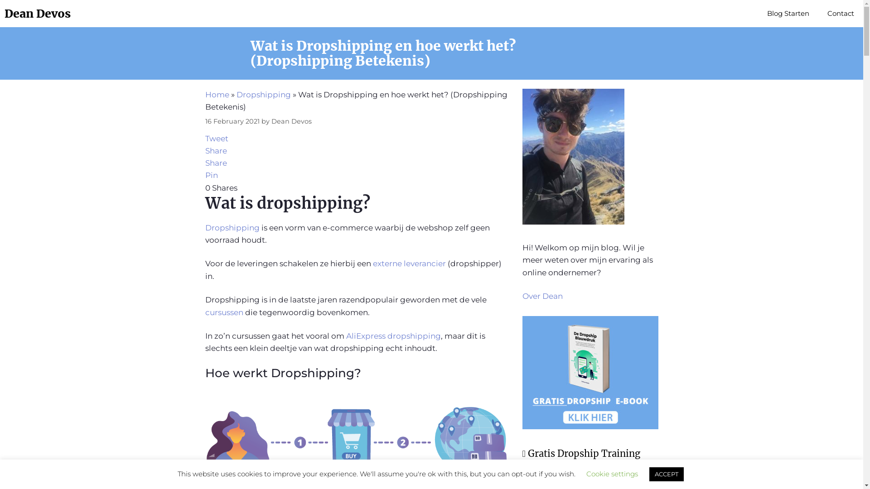 This screenshot has height=489, width=870. I want to click on 'Cookie settings', so click(612, 473).